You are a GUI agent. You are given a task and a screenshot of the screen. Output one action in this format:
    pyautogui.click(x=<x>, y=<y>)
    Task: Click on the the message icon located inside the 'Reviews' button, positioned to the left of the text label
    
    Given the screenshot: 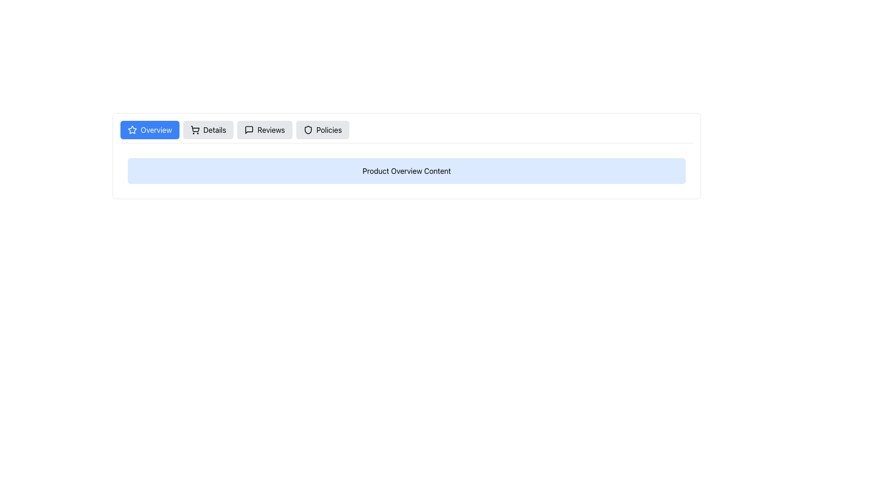 What is the action you would take?
    pyautogui.click(x=249, y=130)
    